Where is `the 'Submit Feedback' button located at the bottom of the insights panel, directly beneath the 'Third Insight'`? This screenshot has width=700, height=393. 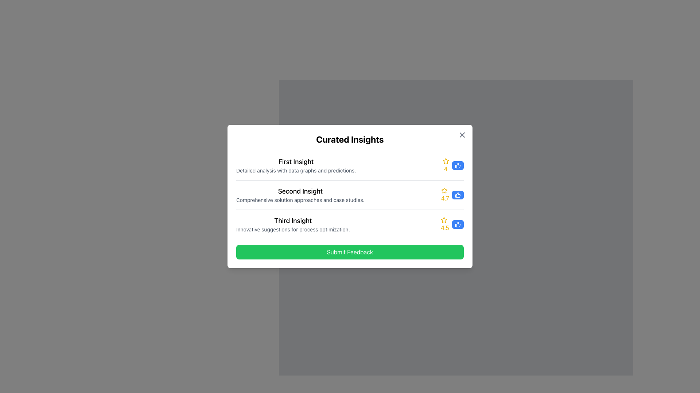
the 'Submit Feedback' button located at the bottom of the insights panel, directly beneath the 'Third Insight' is located at coordinates (350, 252).